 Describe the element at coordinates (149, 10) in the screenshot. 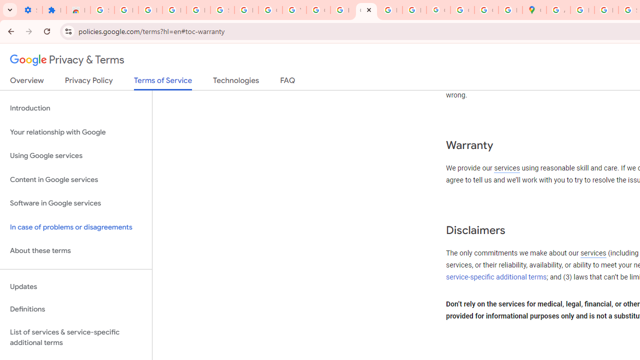

I see `'Delete photos & videos - Computer - Google Photos Help'` at that location.